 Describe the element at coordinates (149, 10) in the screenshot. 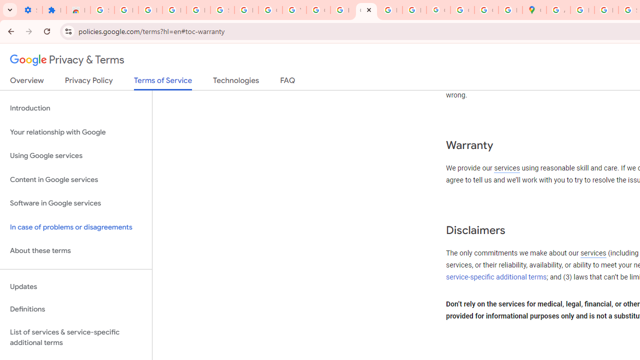

I see `'Delete photos & videos - Computer - Google Photos Help'` at that location.